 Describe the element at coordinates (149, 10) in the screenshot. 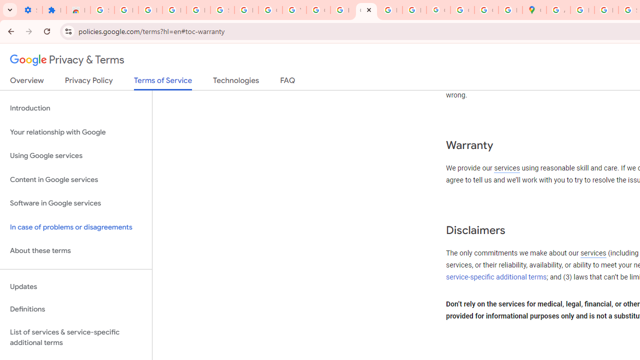

I see `'Delete photos & videos - Computer - Google Photos Help'` at that location.